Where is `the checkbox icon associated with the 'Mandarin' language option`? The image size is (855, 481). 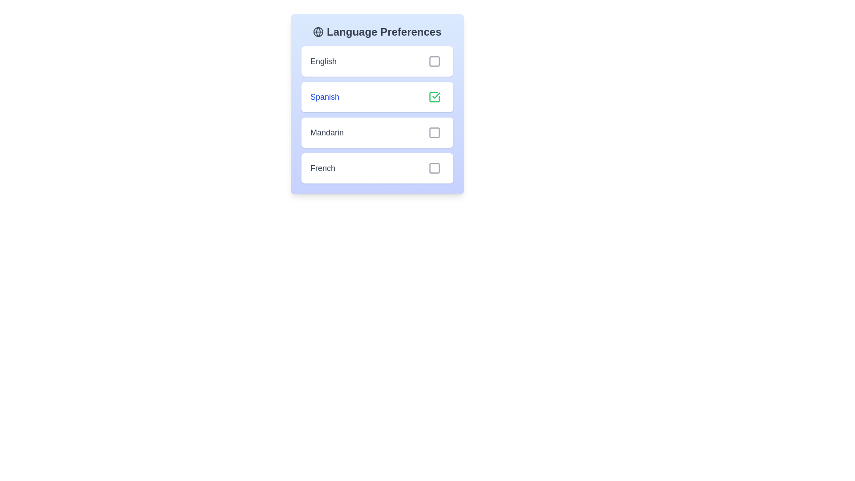 the checkbox icon associated with the 'Mandarin' language option is located at coordinates (434, 132).